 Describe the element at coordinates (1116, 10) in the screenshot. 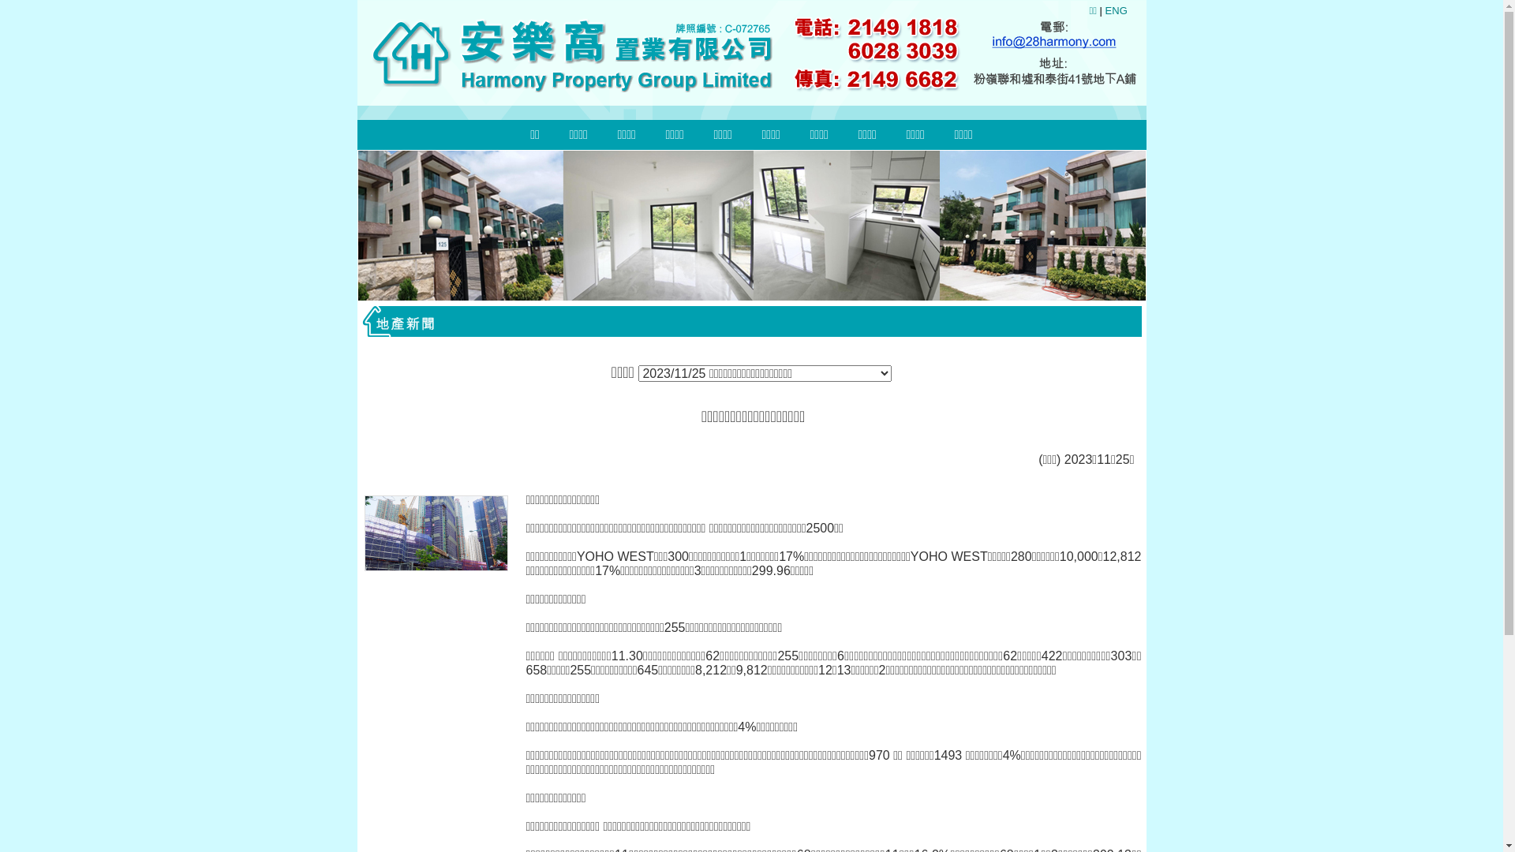

I see `'ENG'` at that location.